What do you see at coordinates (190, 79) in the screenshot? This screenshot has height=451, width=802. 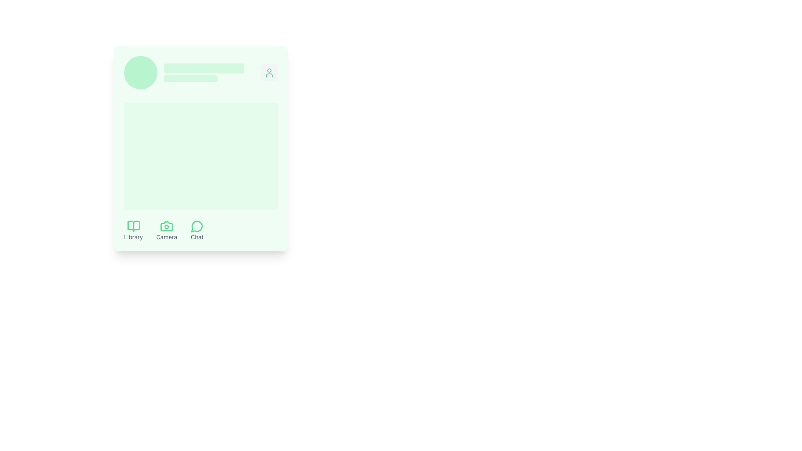 I see `the loading placeholder component, which visually indicates data processing and is centrally positioned with a slight right offset beneath a larger placeholder` at bounding box center [190, 79].